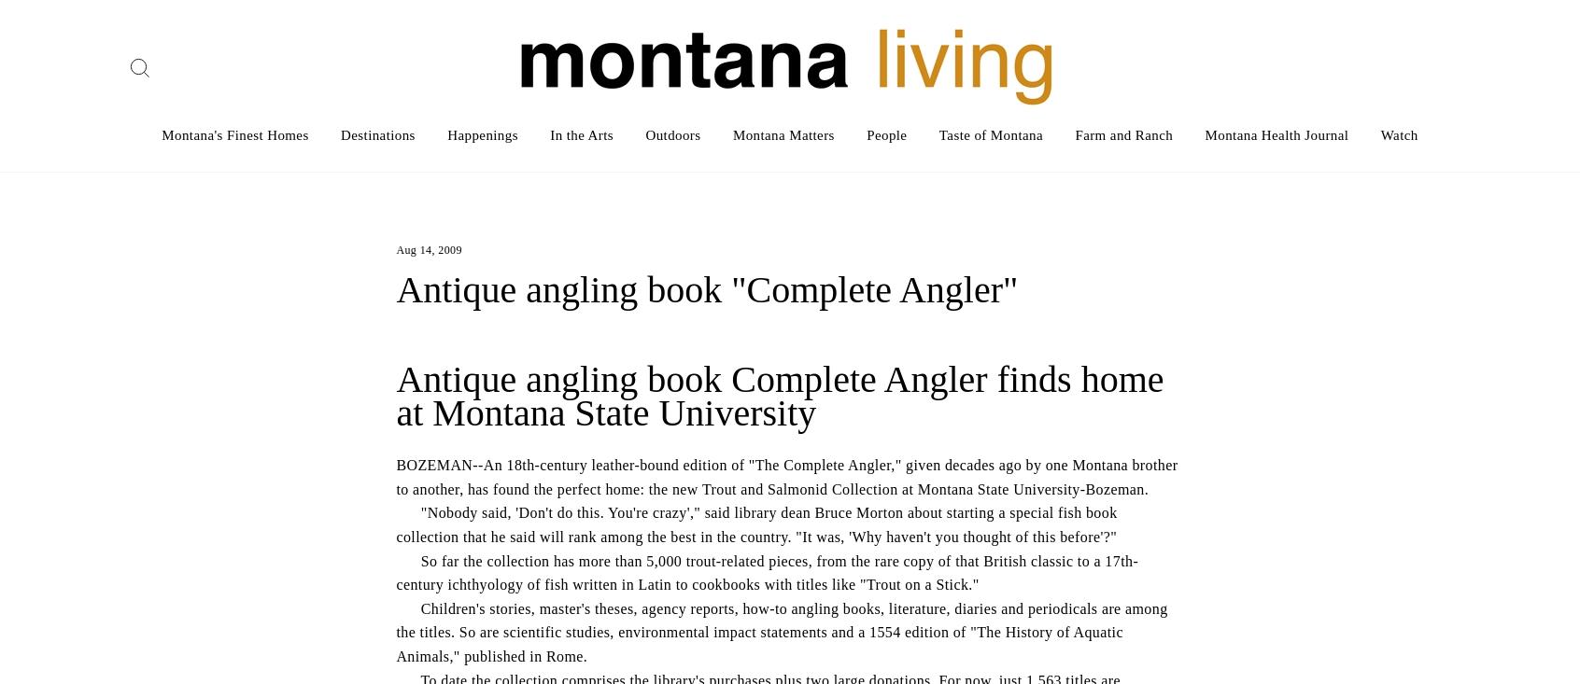 The image size is (1580, 684). Describe the element at coordinates (395, 631) in the screenshot. I see `'Children's stories, master's theses, agency reports, how-to angling books, literature, diaries and periodicals are among the titles. So are scientific studies, environmental impact statements and a 1554 edition of "The History of Aquatic Animals," published in Rome.'` at that location.